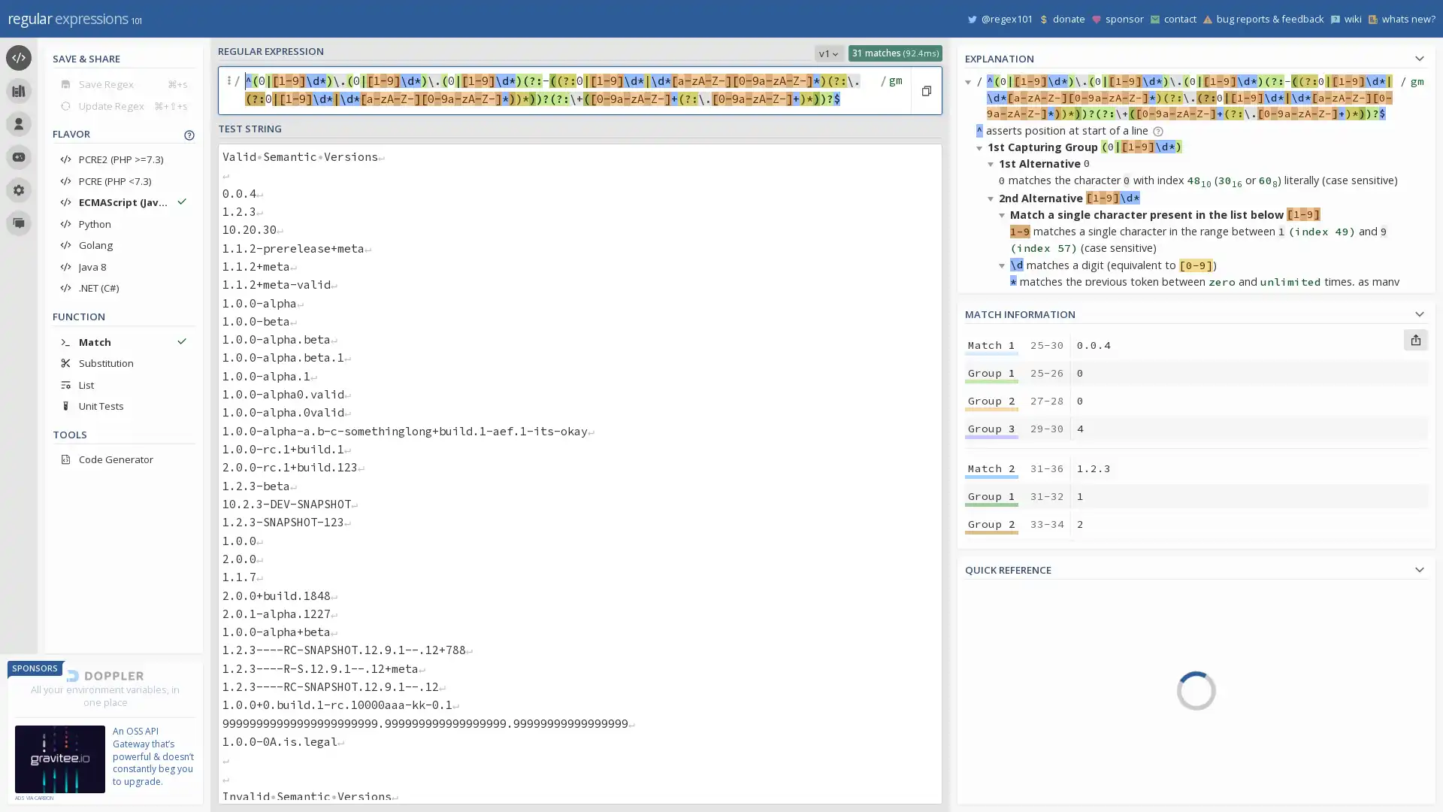 The image size is (1443, 812). I want to click on Collapse Subtree, so click(1004, 588).